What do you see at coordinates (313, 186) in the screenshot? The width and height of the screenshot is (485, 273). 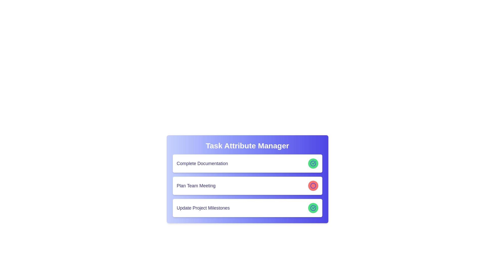 I see `the button located in the rightmost third of the card labeled 'Plan Team Meeting'` at bounding box center [313, 186].